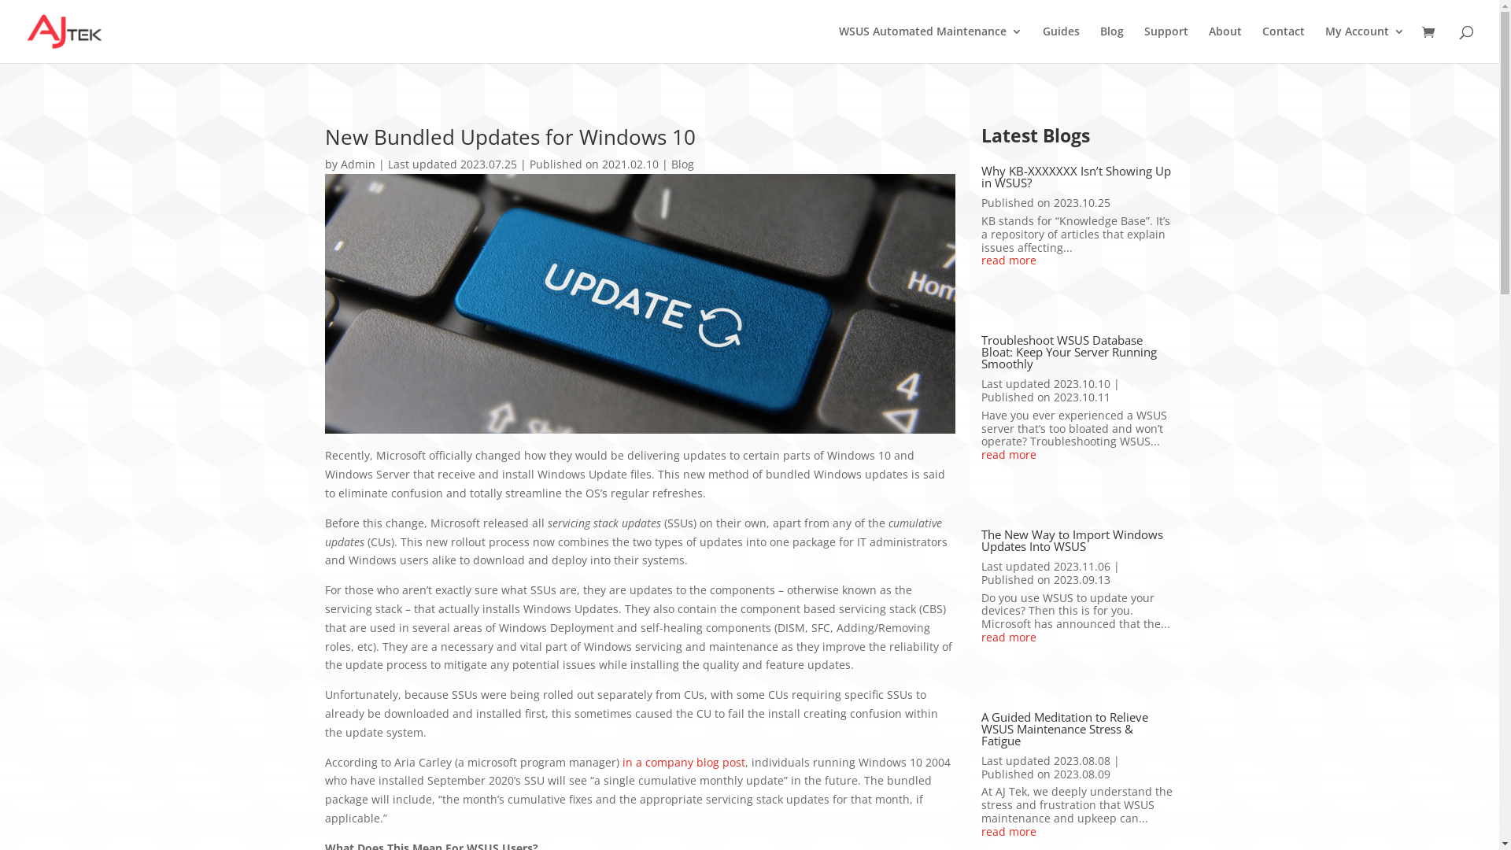 This screenshot has height=850, width=1511. Describe the element at coordinates (683, 761) in the screenshot. I see `'in a company blog post'` at that location.